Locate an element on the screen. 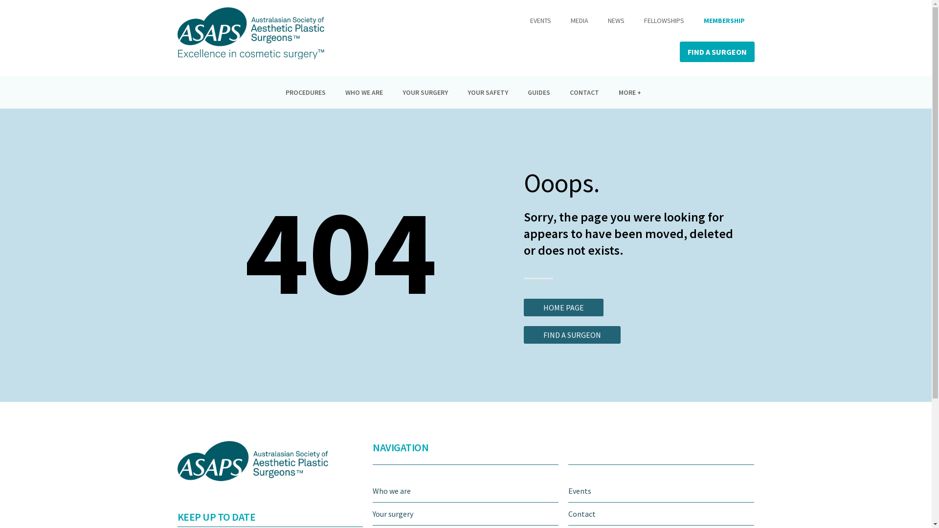 This screenshot has height=528, width=939. 'Your surgery' is located at coordinates (465, 513).